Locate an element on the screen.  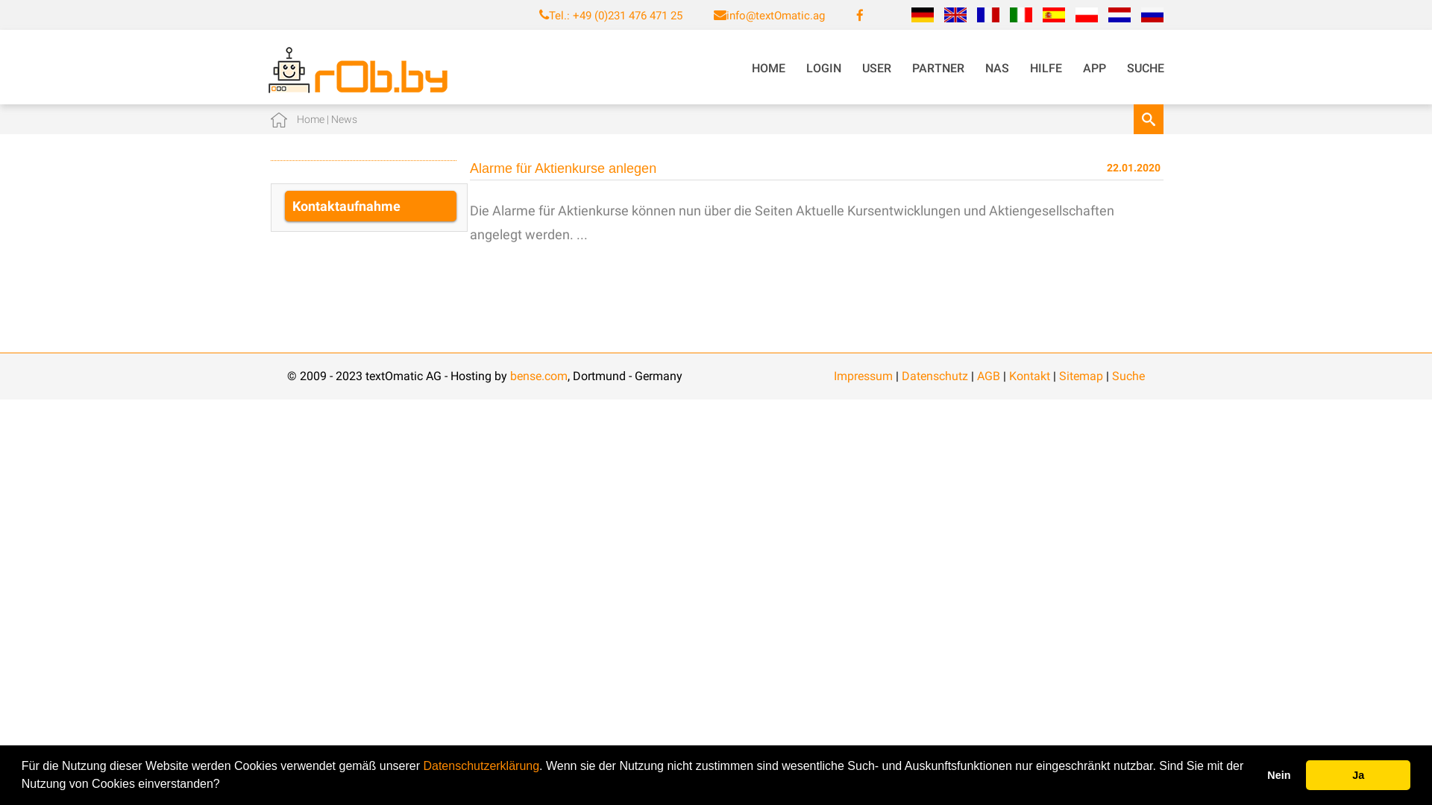
'LOGIN' is located at coordinates (823, 68).